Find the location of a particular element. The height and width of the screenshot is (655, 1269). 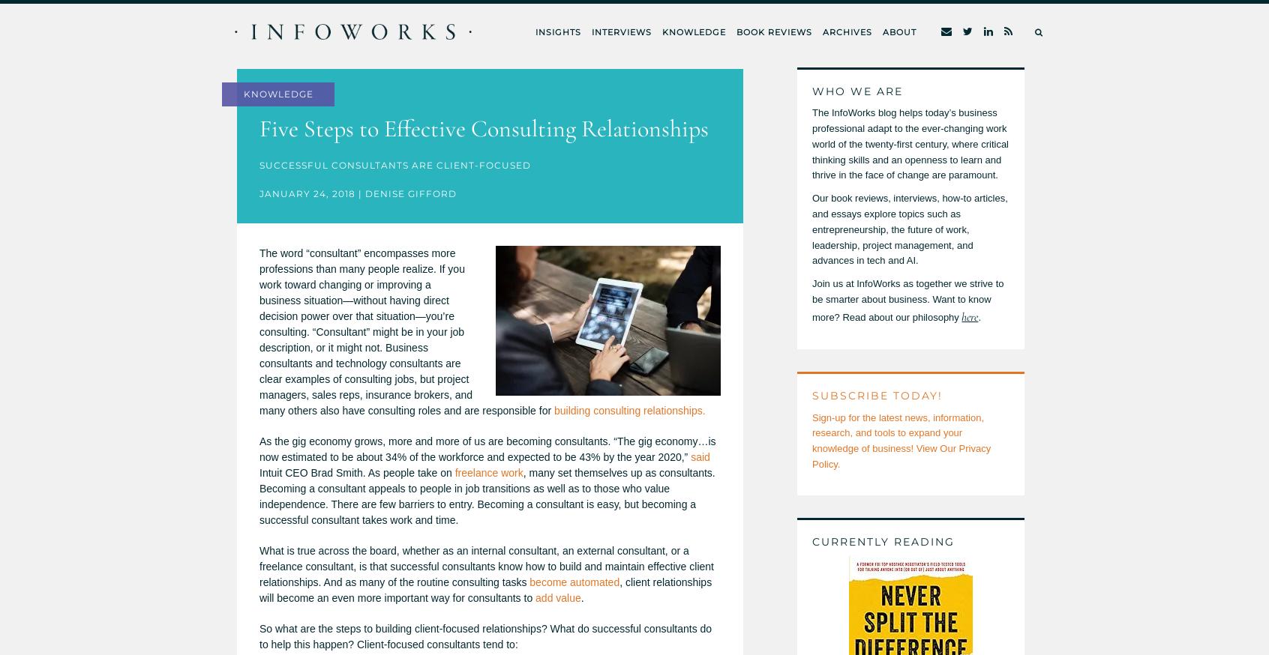

'What is true across the board, whether as an internal consultant, an external consultant, or a freelance consultant, is that successful consultants know how to build and maintain effective client relationships. And as many of the routine consulting tasks' is located at coordinates (259, 566).